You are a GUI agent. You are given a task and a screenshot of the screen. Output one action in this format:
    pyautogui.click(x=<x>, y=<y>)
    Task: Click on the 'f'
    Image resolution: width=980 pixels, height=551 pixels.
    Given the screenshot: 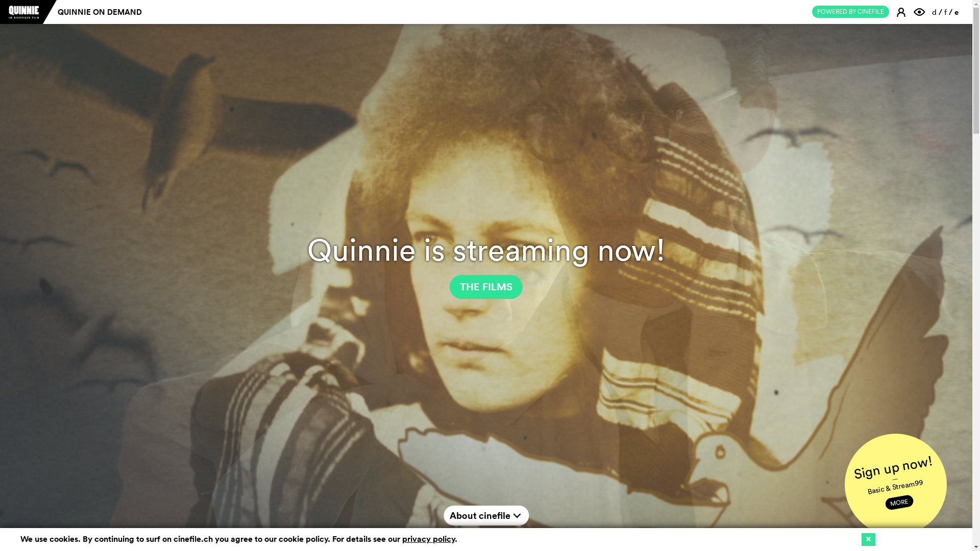 What is the action you would take?
    pyautogui.click(x=945, y=12)
    